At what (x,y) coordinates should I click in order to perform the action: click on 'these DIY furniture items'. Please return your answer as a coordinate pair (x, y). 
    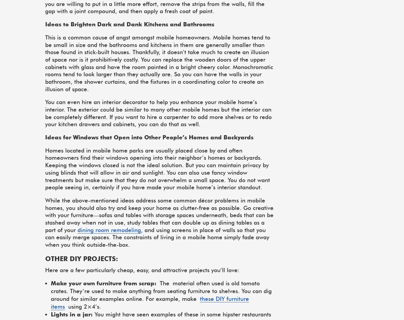
    Looking at the image, I should click on (51, 303).